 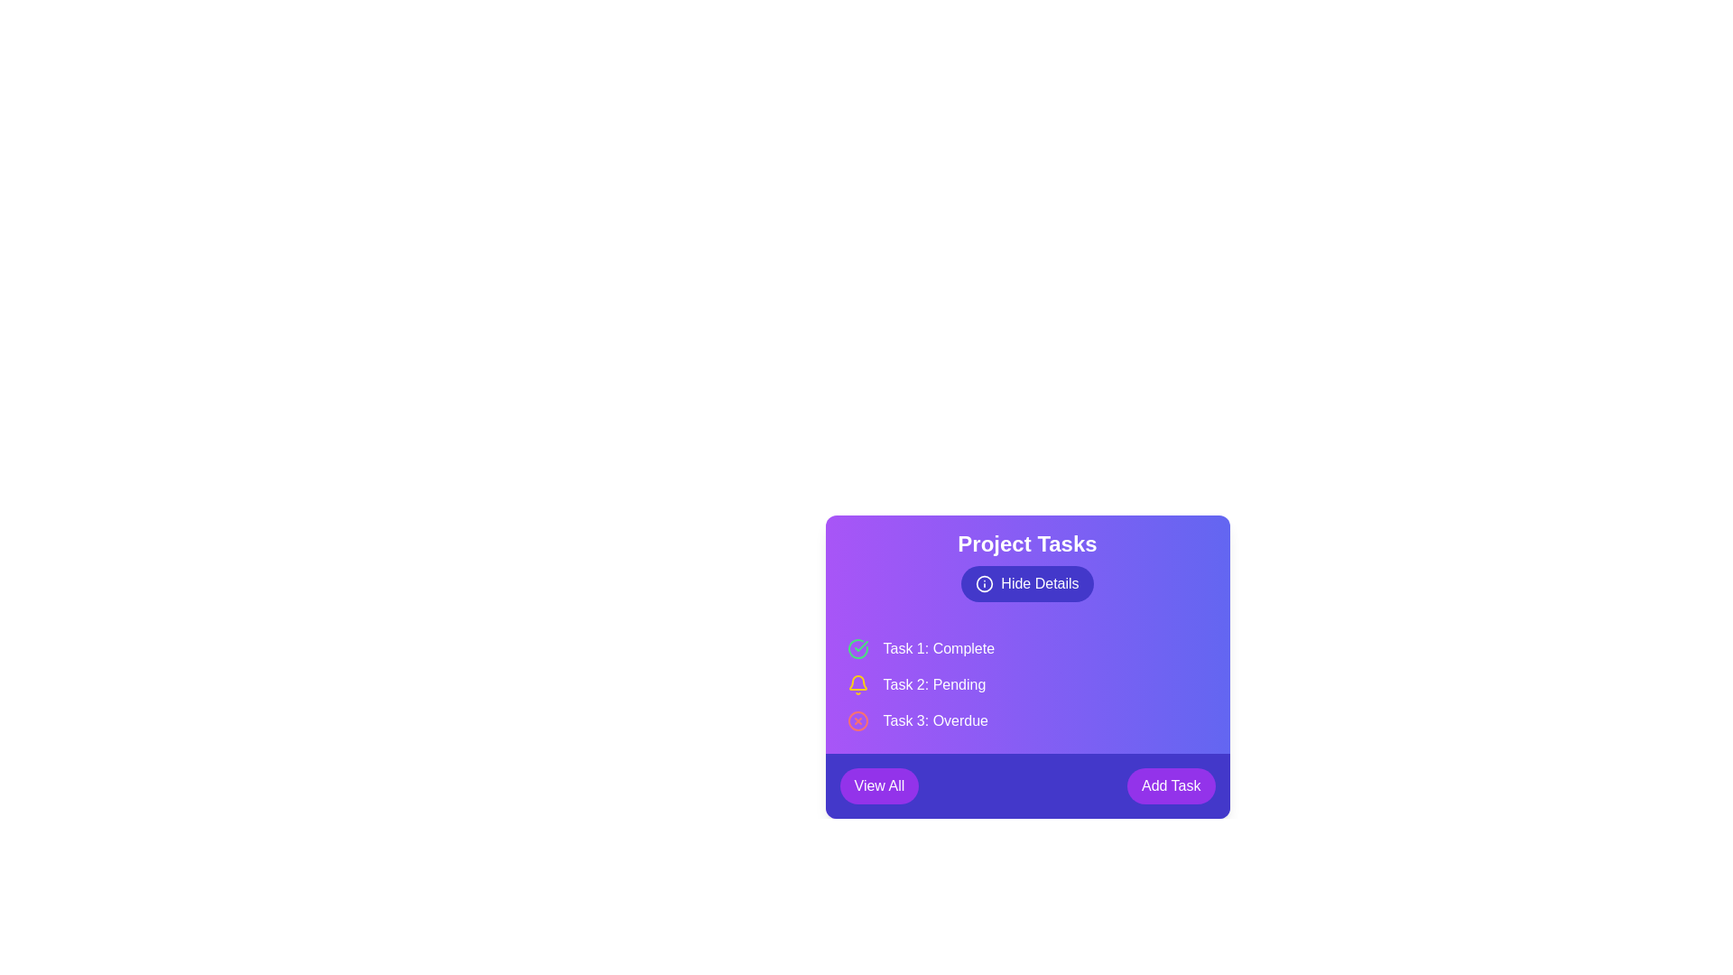 What do you see at coordinates (1171, 785) in the screenshot?
I see `the 'Add Task' button located at the bottom-right corner of the panel` at bounding box center [1171, 785].